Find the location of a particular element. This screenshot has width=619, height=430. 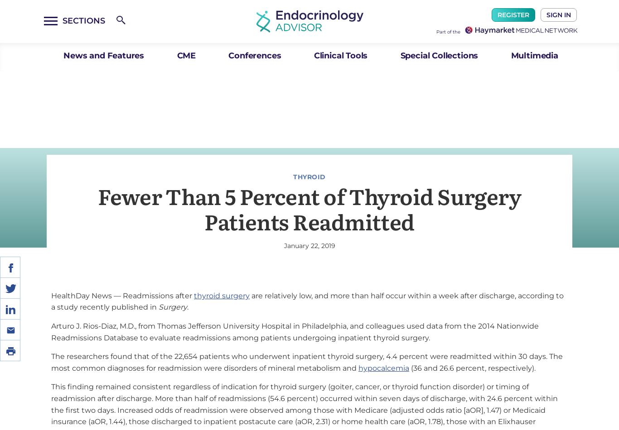

'hypocalcemia' is located at coordinates (358, 367).